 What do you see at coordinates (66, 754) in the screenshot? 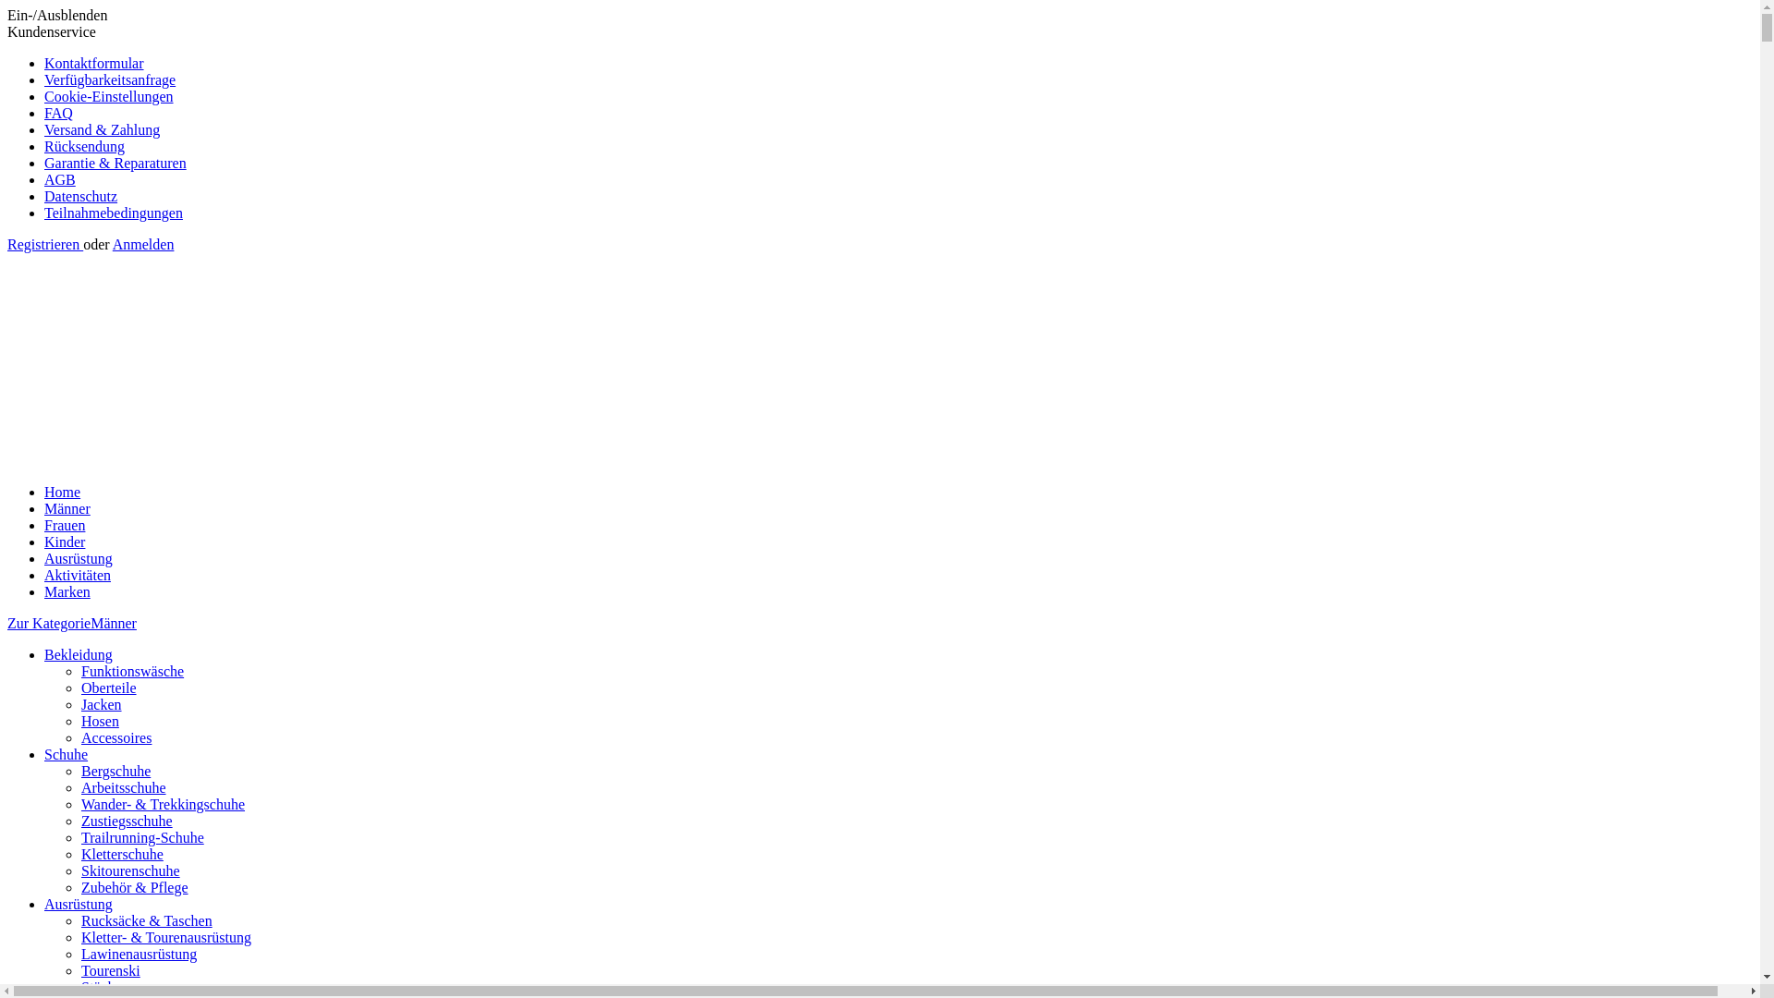
I see `'Schuhe'` at bounding box center [66, 754].